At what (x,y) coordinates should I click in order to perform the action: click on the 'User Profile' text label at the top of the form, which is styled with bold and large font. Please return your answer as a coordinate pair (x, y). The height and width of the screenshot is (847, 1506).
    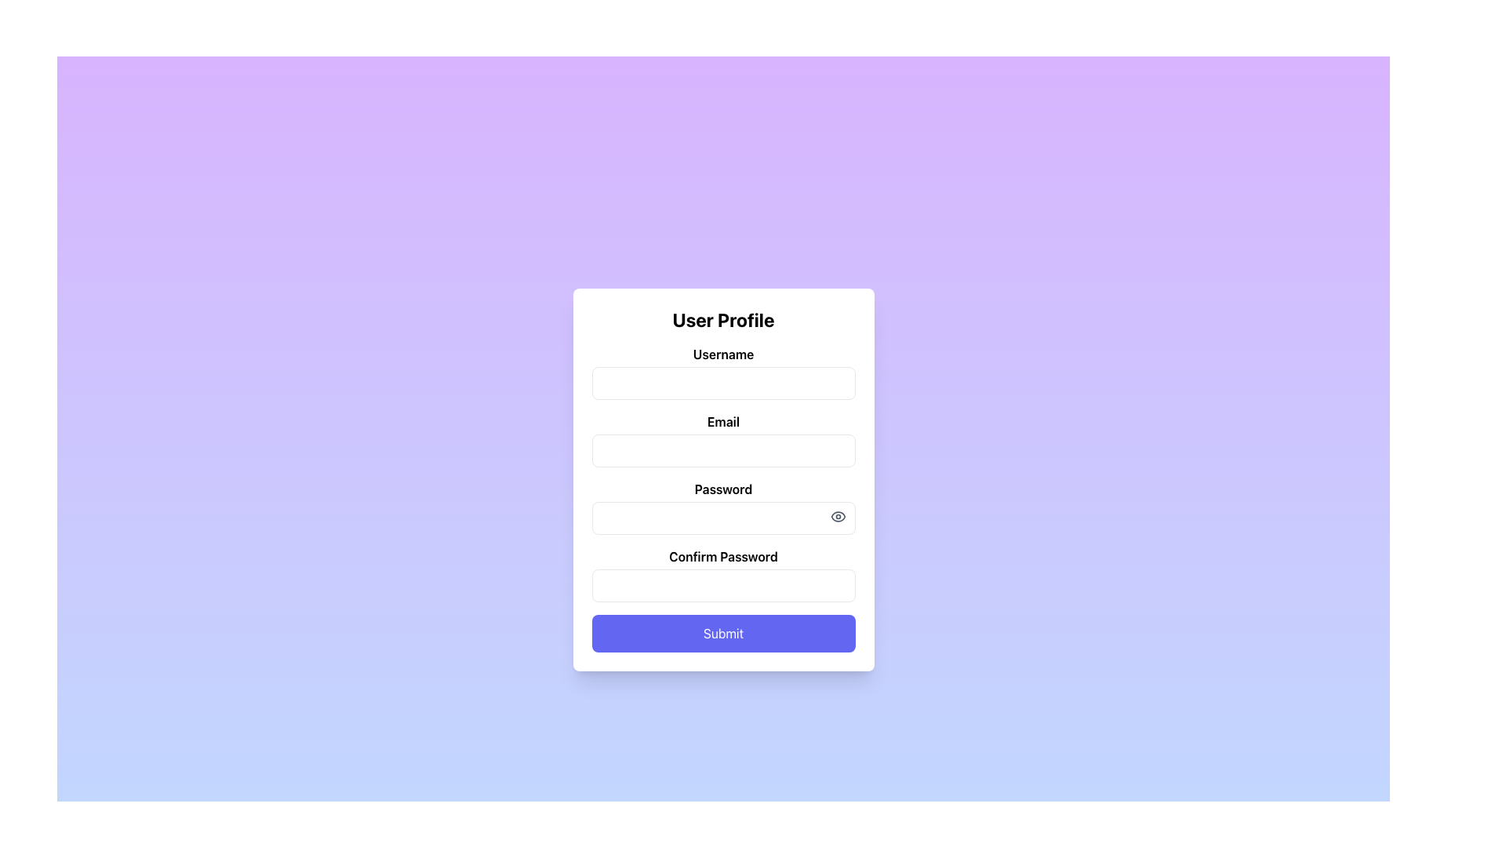
    Looking at the image, I should click on (722, 319).